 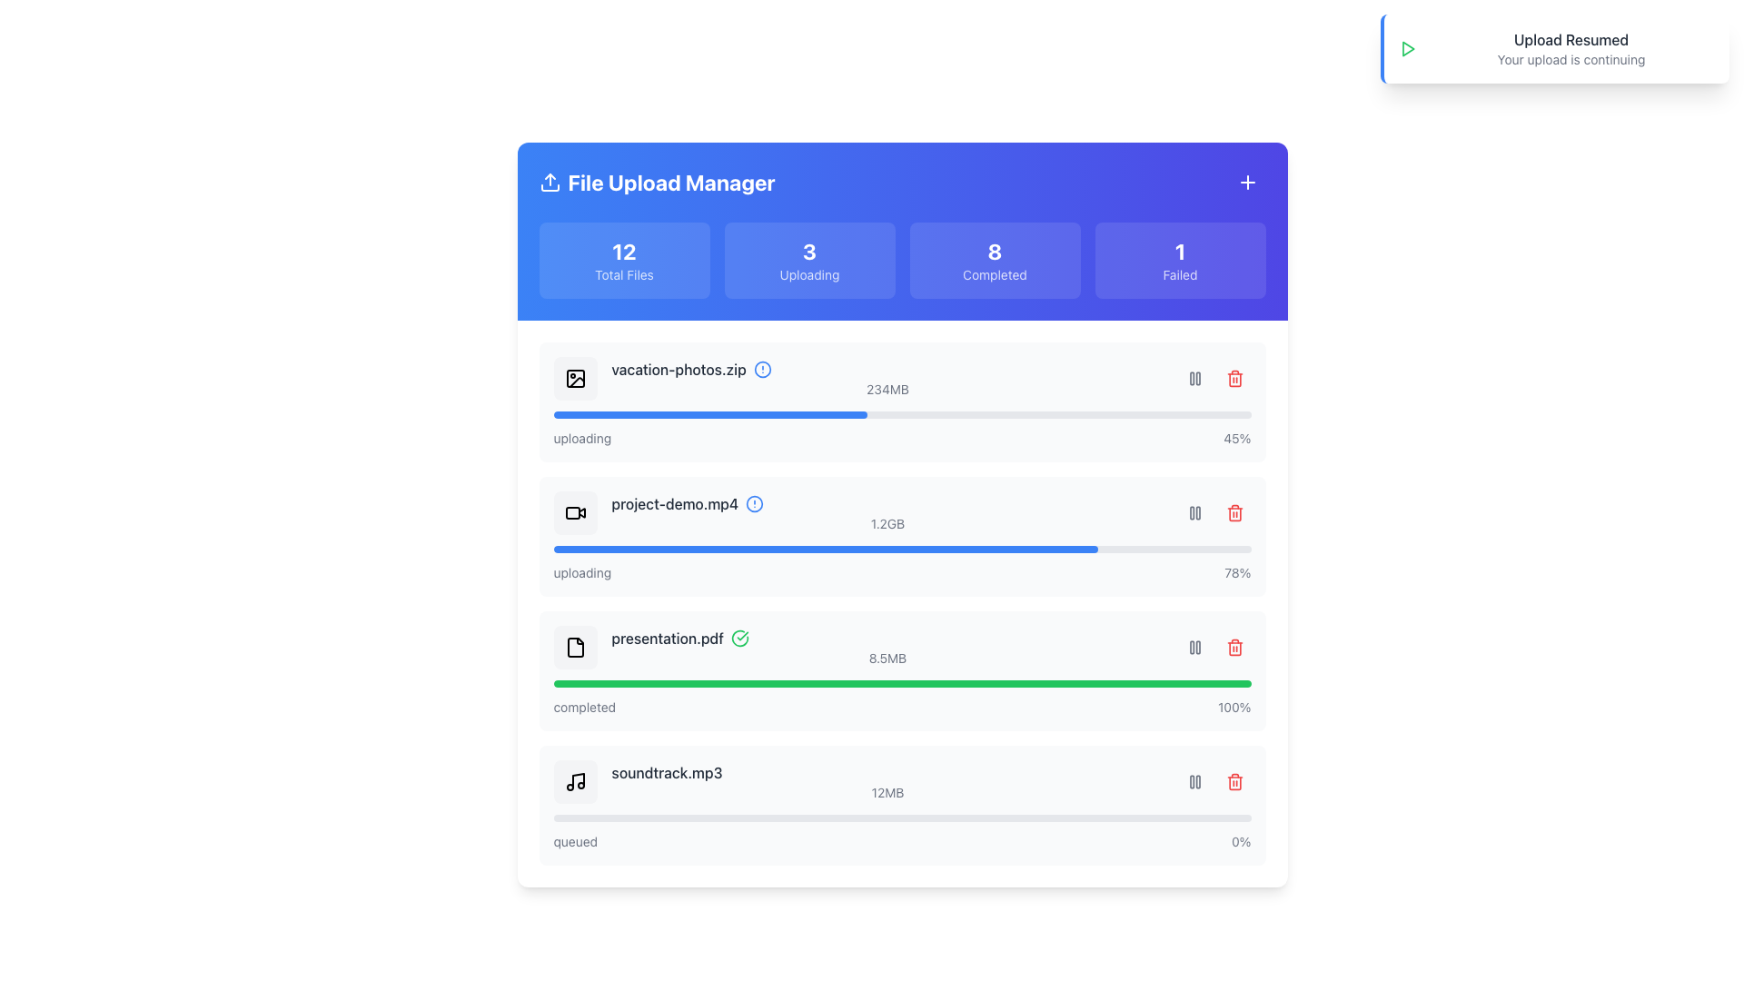 I want to click on the progress bar fill indicator that shows 78% completion for the file 'project-demo.mp4' in the file upload manager, so click(x=824, y=549).